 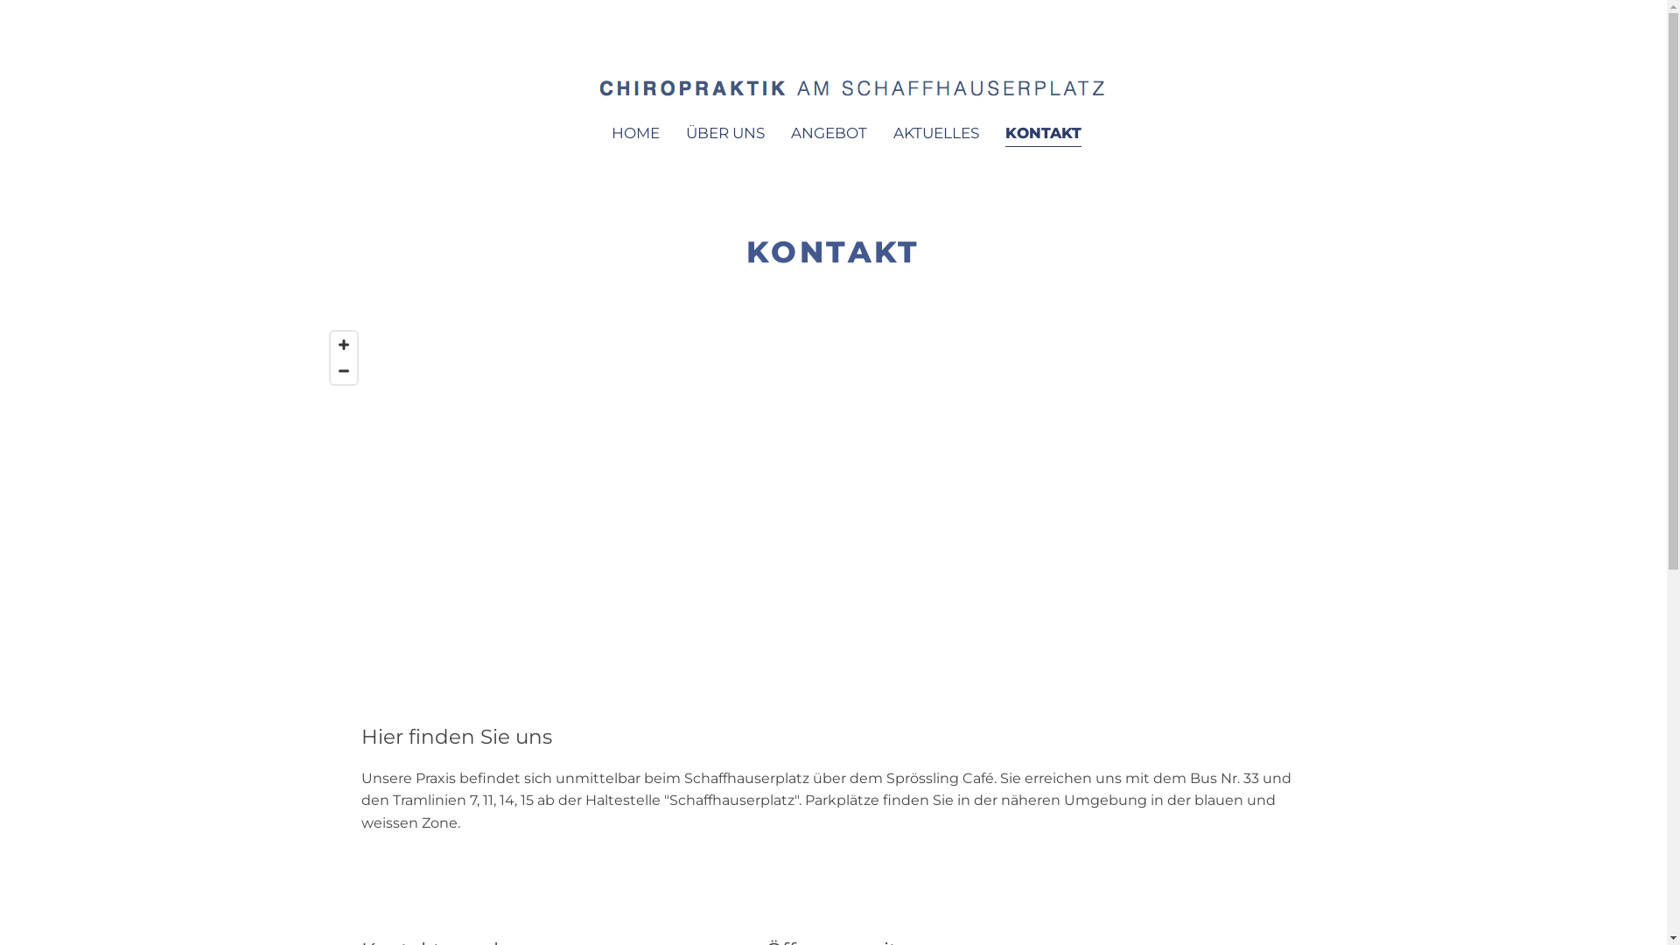 What do you see at coordinates (935, 133) in the screenshot?
I see `'AKTUELLES'` at bounding box center [935, 133].